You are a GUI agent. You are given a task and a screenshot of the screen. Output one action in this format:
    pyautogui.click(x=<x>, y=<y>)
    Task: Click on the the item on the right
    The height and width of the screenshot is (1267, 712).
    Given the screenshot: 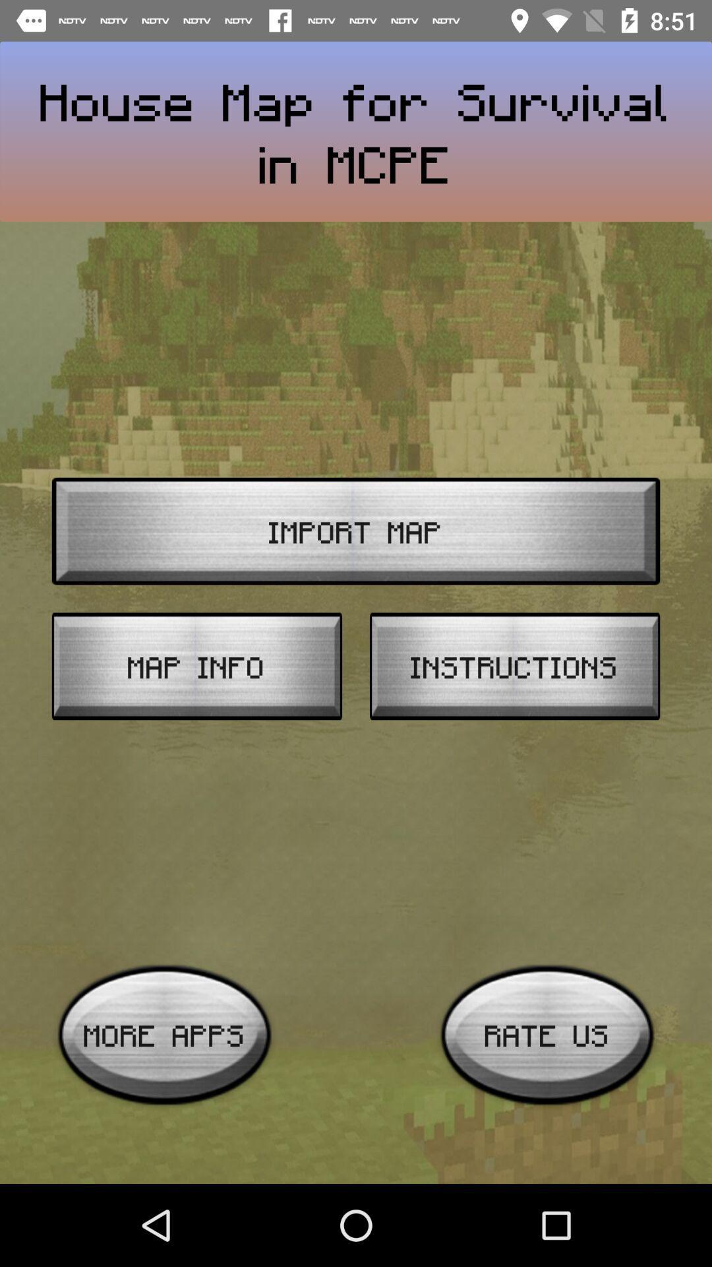 What is the action you would take?
    pyautogui.click(x=514, y=666)
    